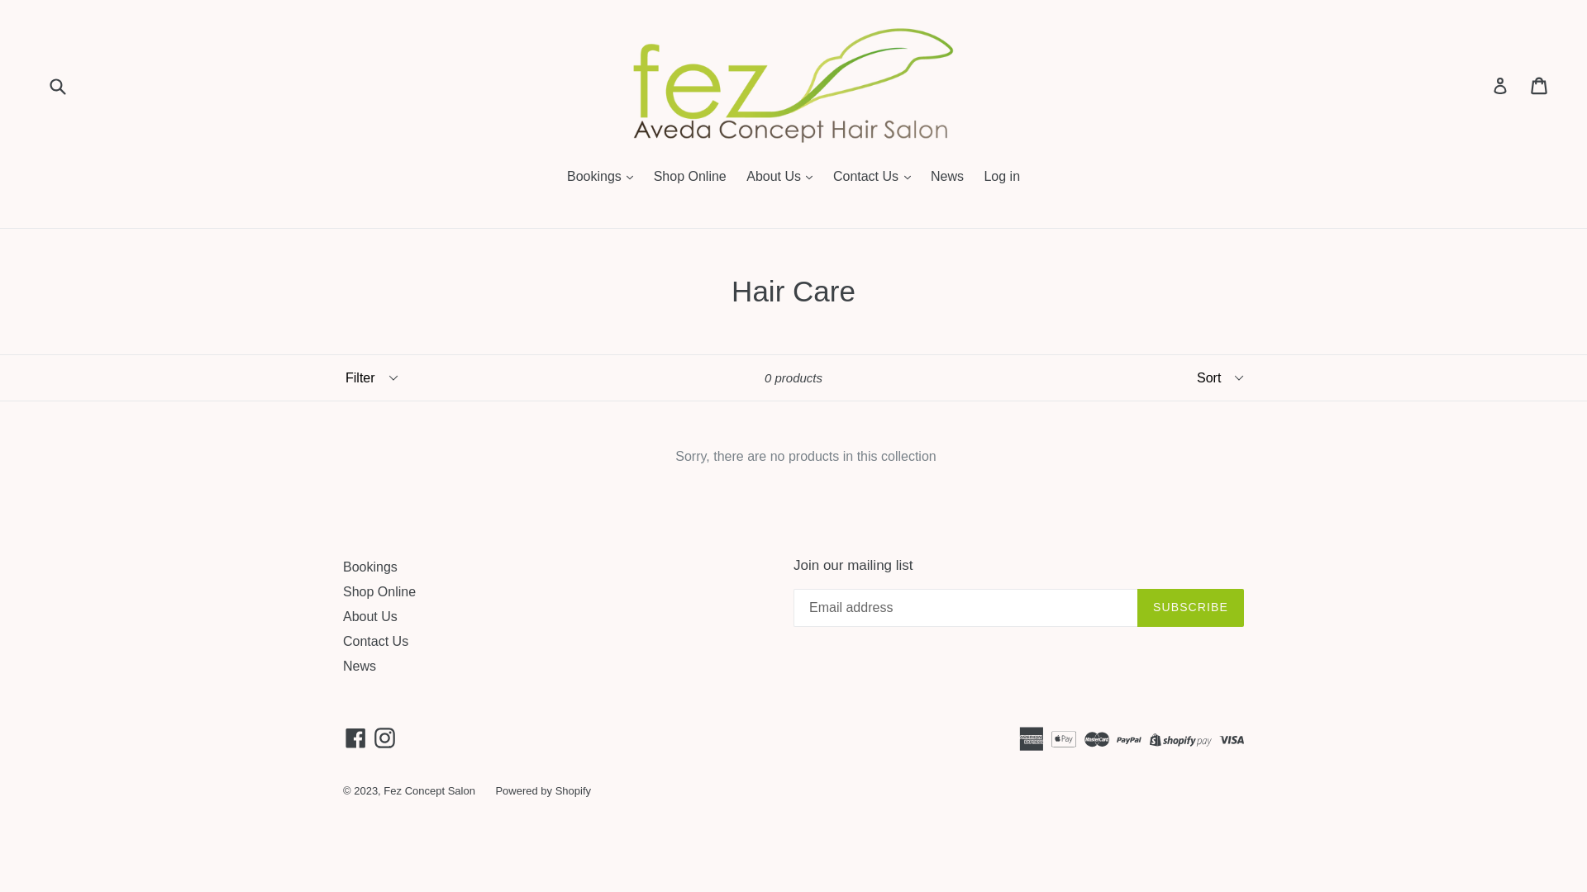  Describe the element at coordinates (379, 591) in the screenshot. I see `'Shop Online'` at that location.